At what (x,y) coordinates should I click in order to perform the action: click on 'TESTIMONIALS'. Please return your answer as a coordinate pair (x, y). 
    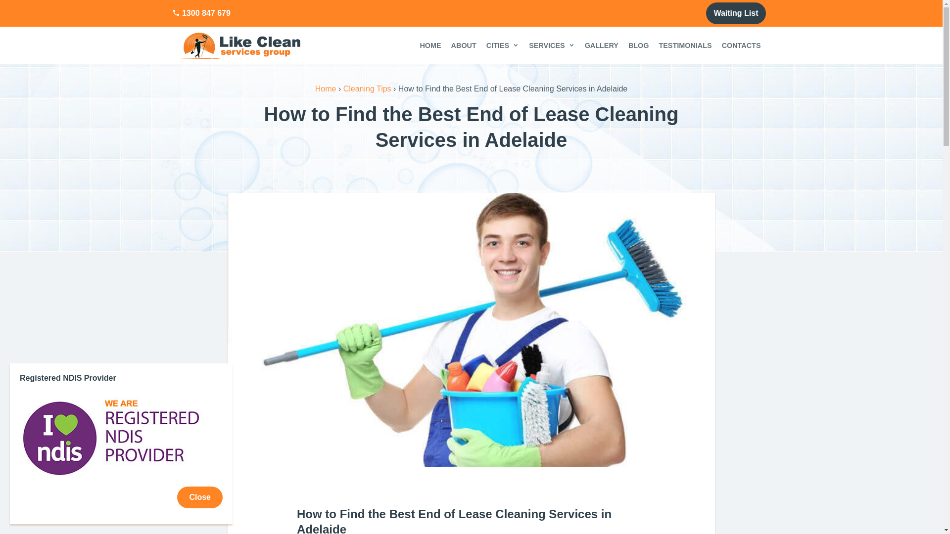
    Looking at the image, I should click on (653, 45).